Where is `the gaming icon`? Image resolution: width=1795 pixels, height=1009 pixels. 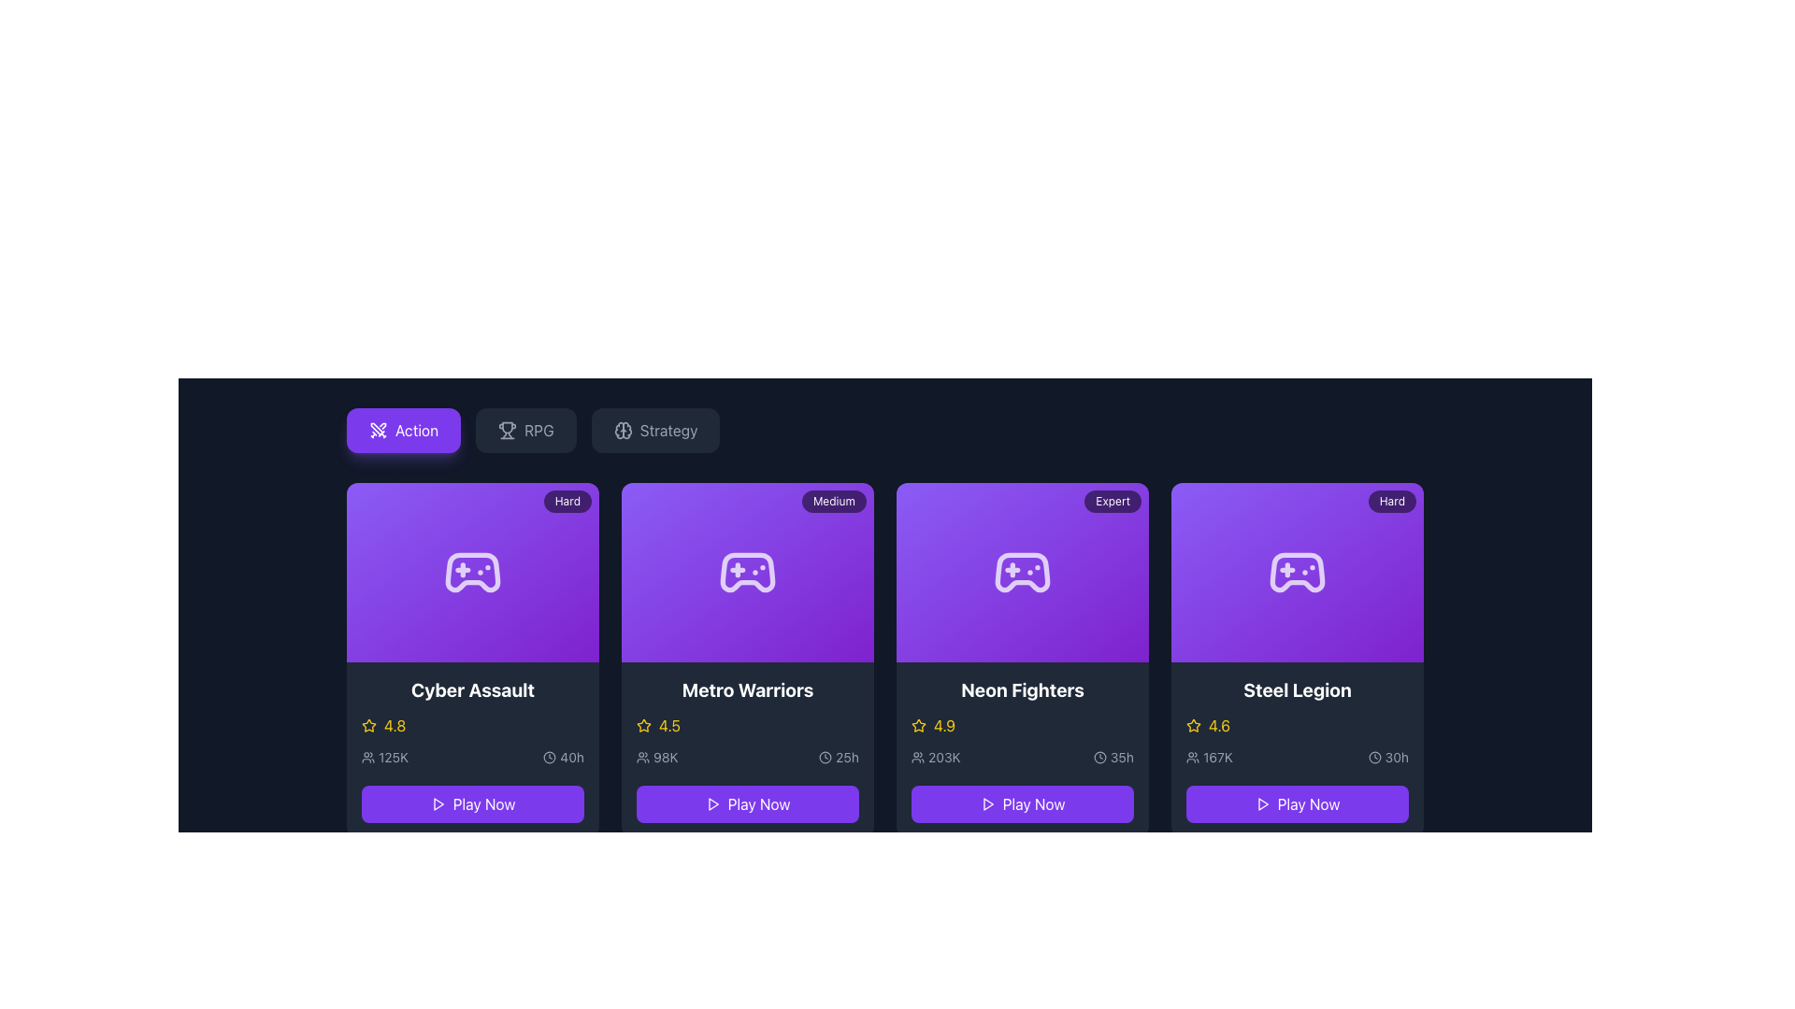 the gaming icon is located at coordinates (472, 572).